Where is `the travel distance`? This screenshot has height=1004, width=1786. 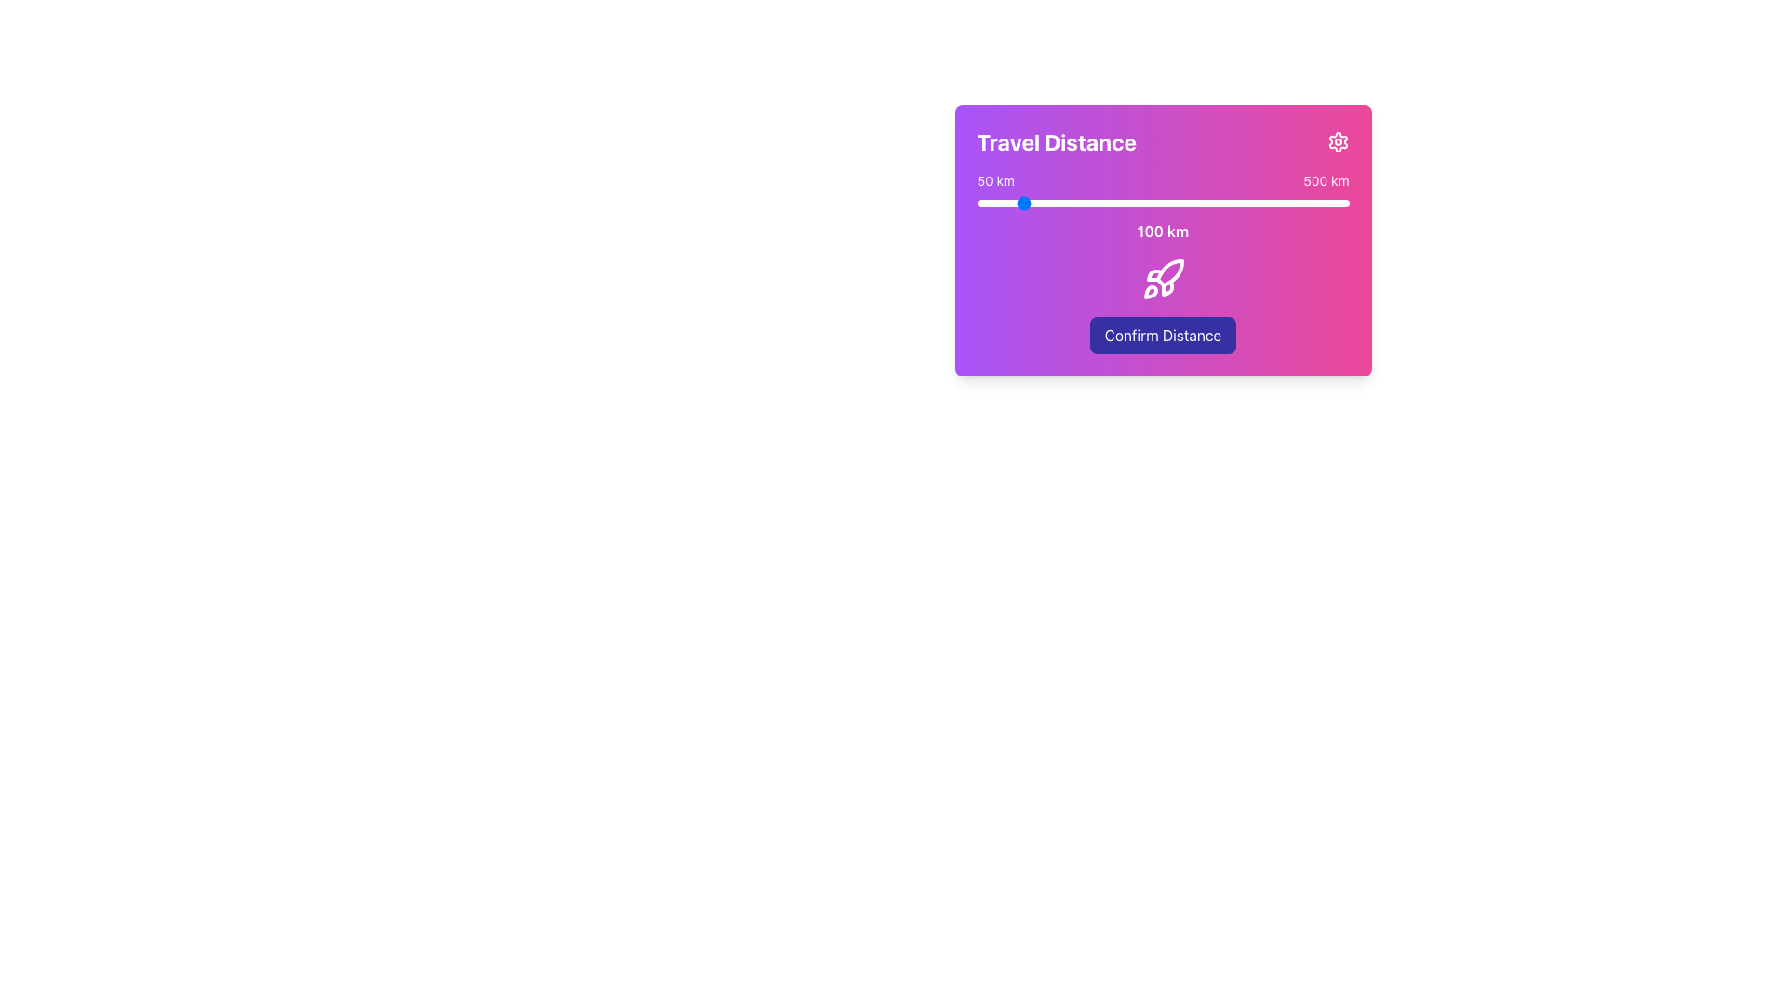 the travel distance is located at coordinates (1143, 204).